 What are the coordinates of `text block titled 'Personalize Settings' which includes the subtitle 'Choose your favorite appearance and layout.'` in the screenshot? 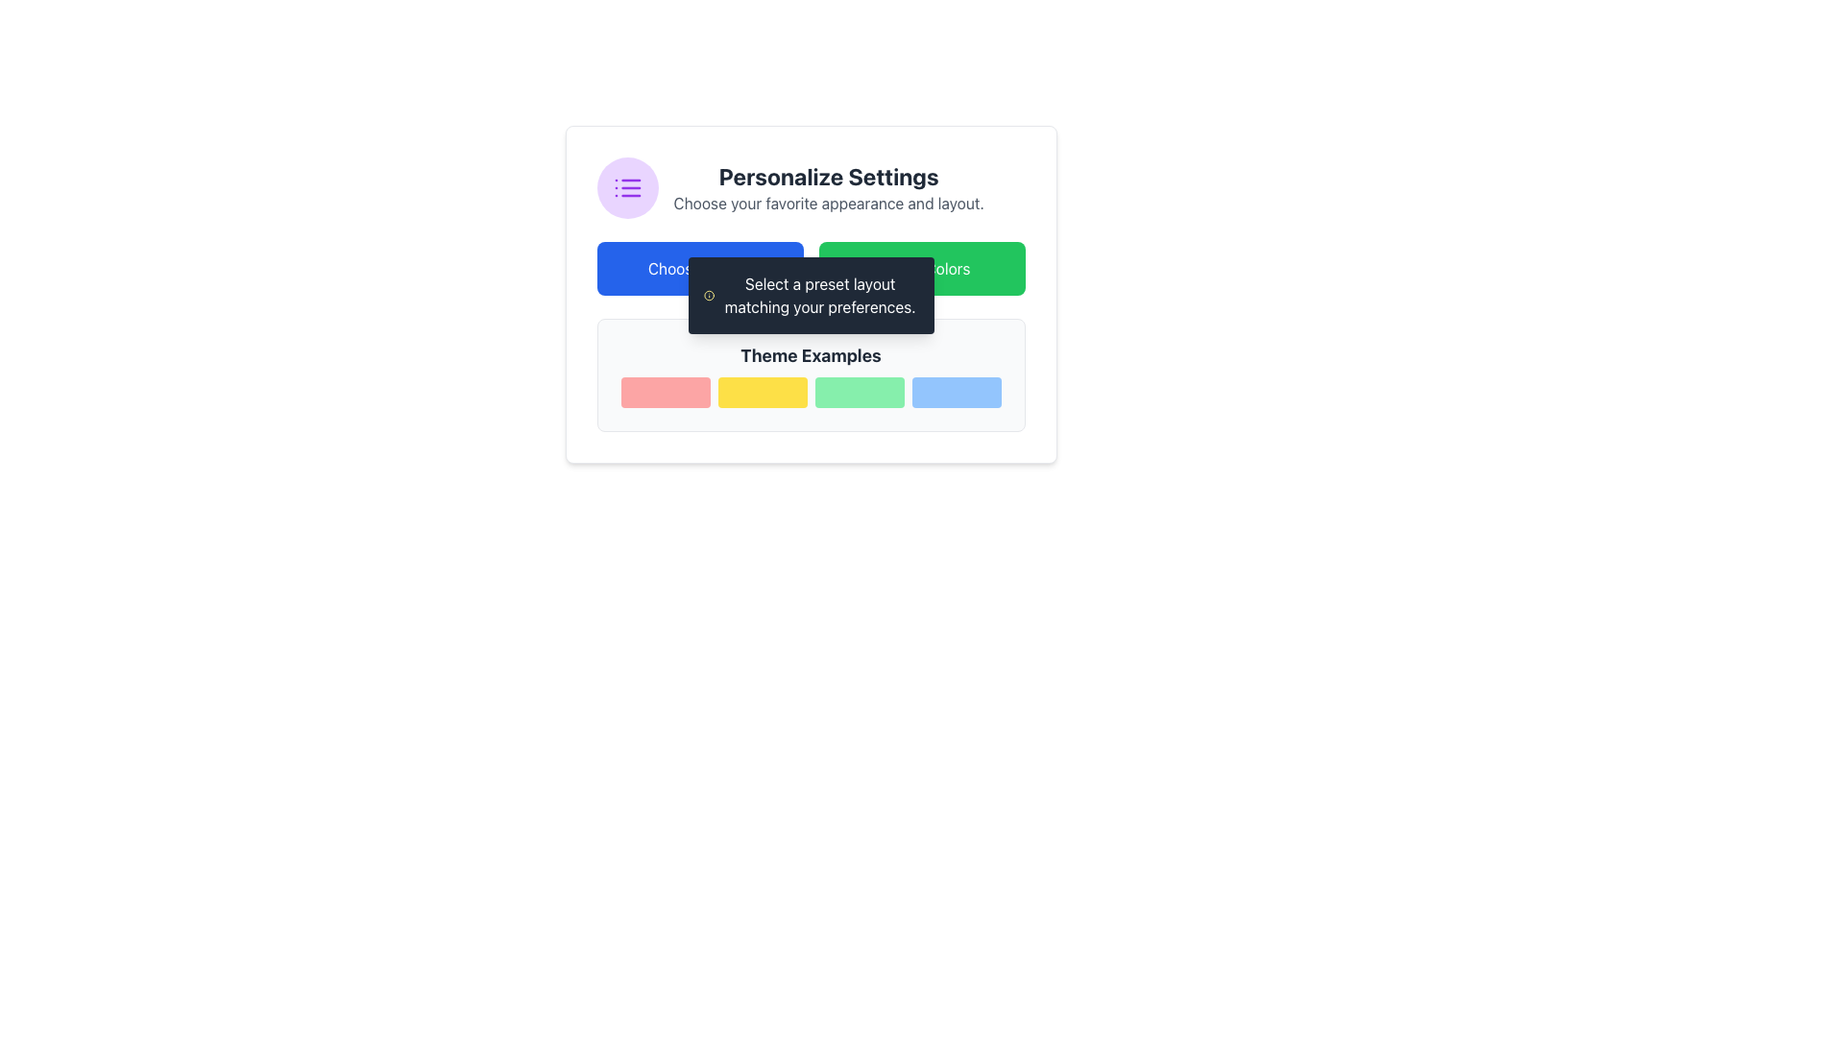 It's located at (829, 188).